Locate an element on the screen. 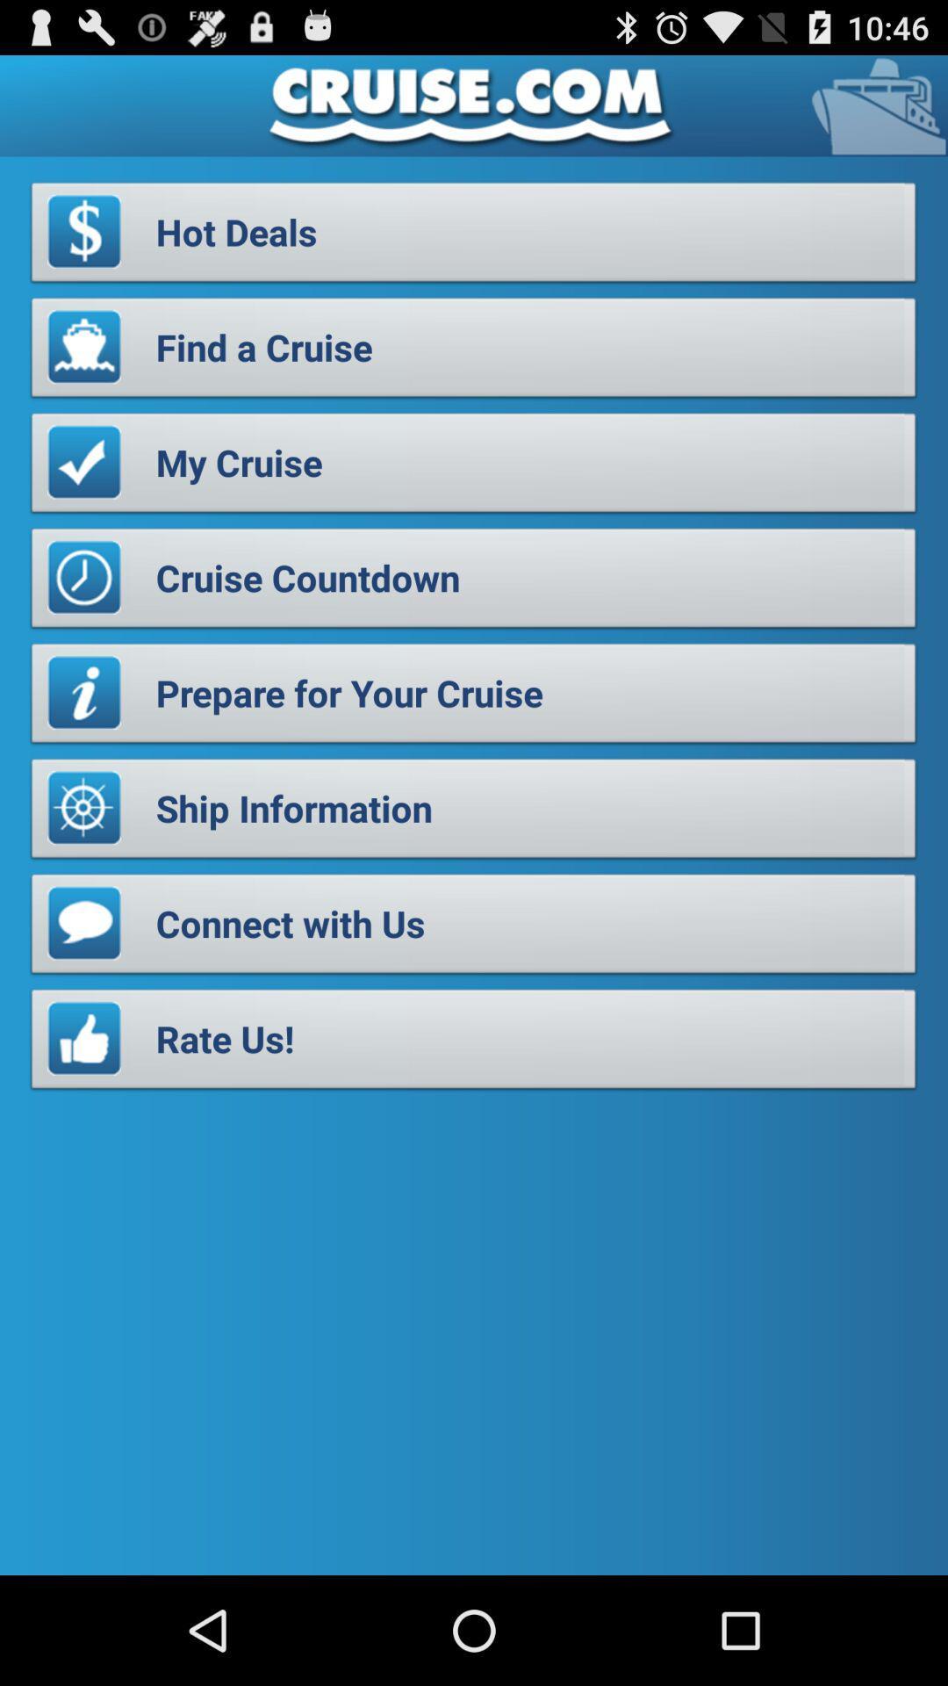 The width and height of the screenshot is (948, 1686). the ship information item is located at coordinates (474, 812).